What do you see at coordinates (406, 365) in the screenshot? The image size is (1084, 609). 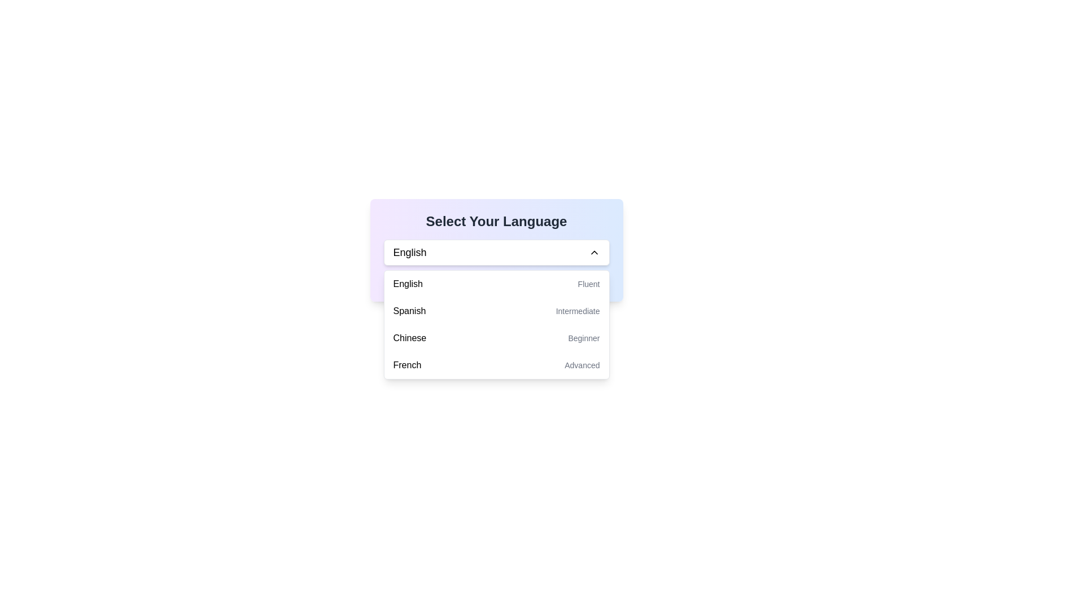 I see `the text label displaying the word 'French', which is styled plainly with black text on a white background, located near the bottom of the dropdown list under the language selection section, before the word 'Advanced'` at bounding box center [406, 365].